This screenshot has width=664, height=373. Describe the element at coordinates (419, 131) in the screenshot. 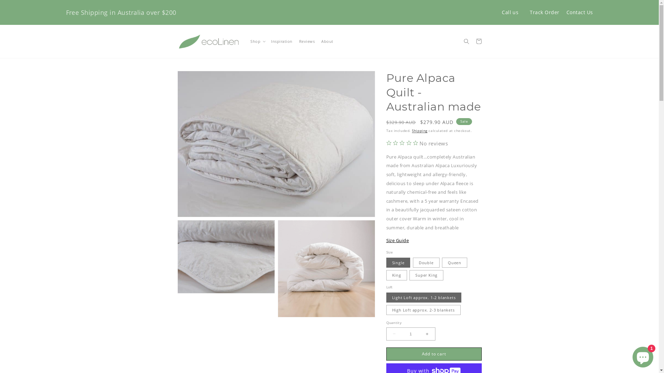

I see `'Shipping'` at that location.